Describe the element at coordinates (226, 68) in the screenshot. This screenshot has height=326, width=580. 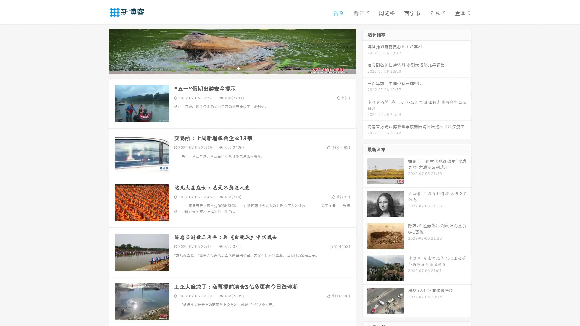
I see `Go to slide 1` at that location.